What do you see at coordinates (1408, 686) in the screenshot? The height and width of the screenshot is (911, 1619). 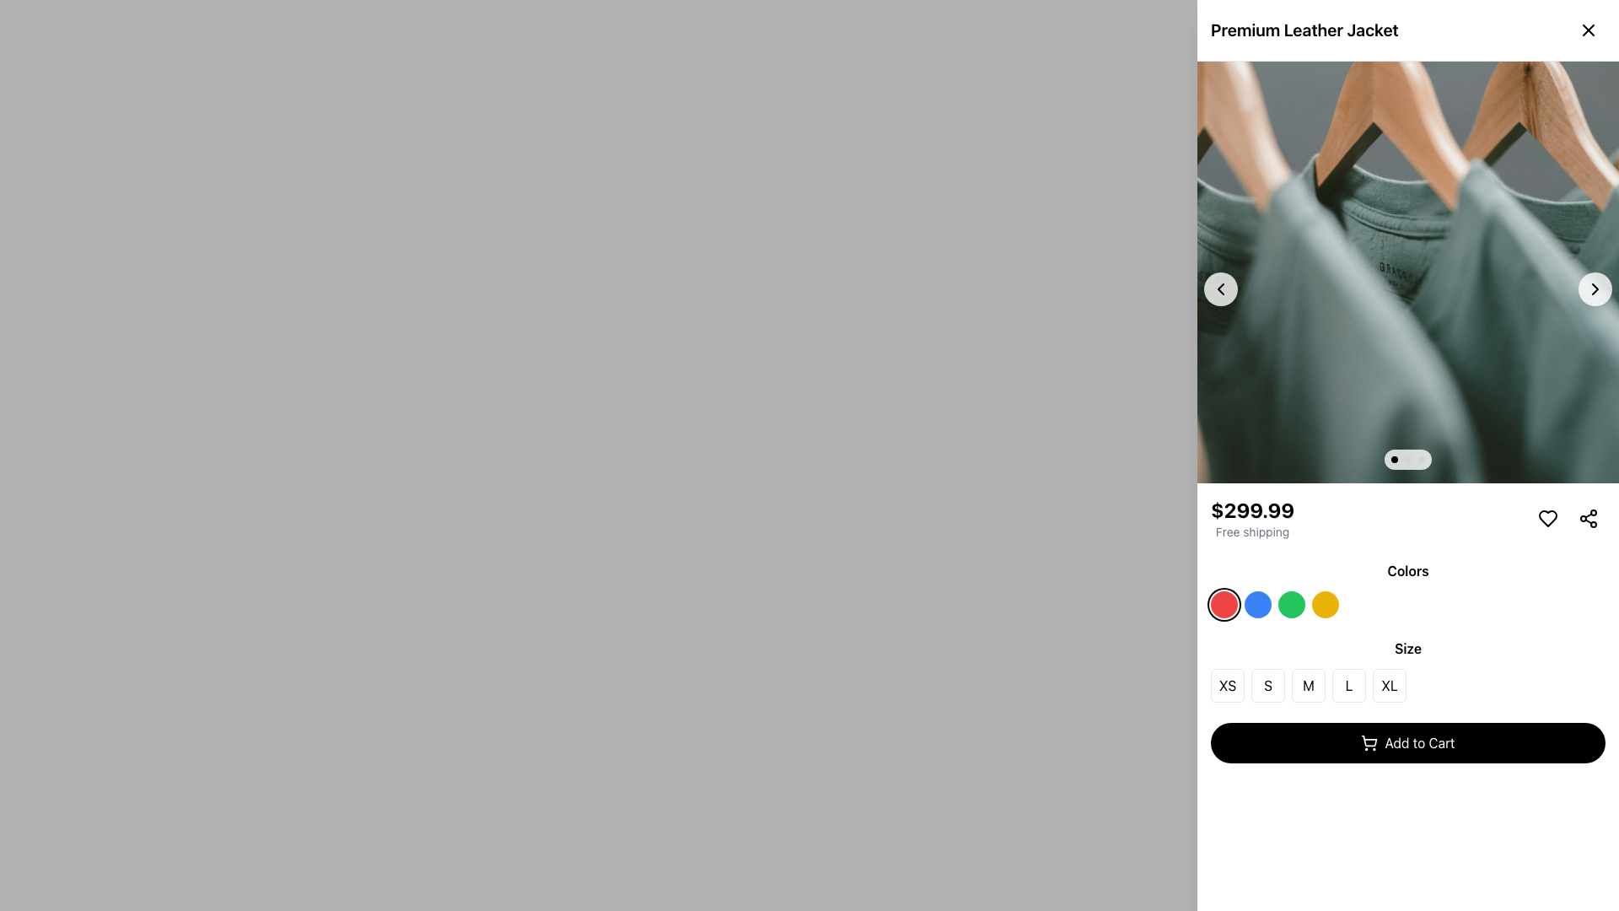 I see `the size option buttons in the 'Size' section below the color selection area` at bounding box center [1408, 686].